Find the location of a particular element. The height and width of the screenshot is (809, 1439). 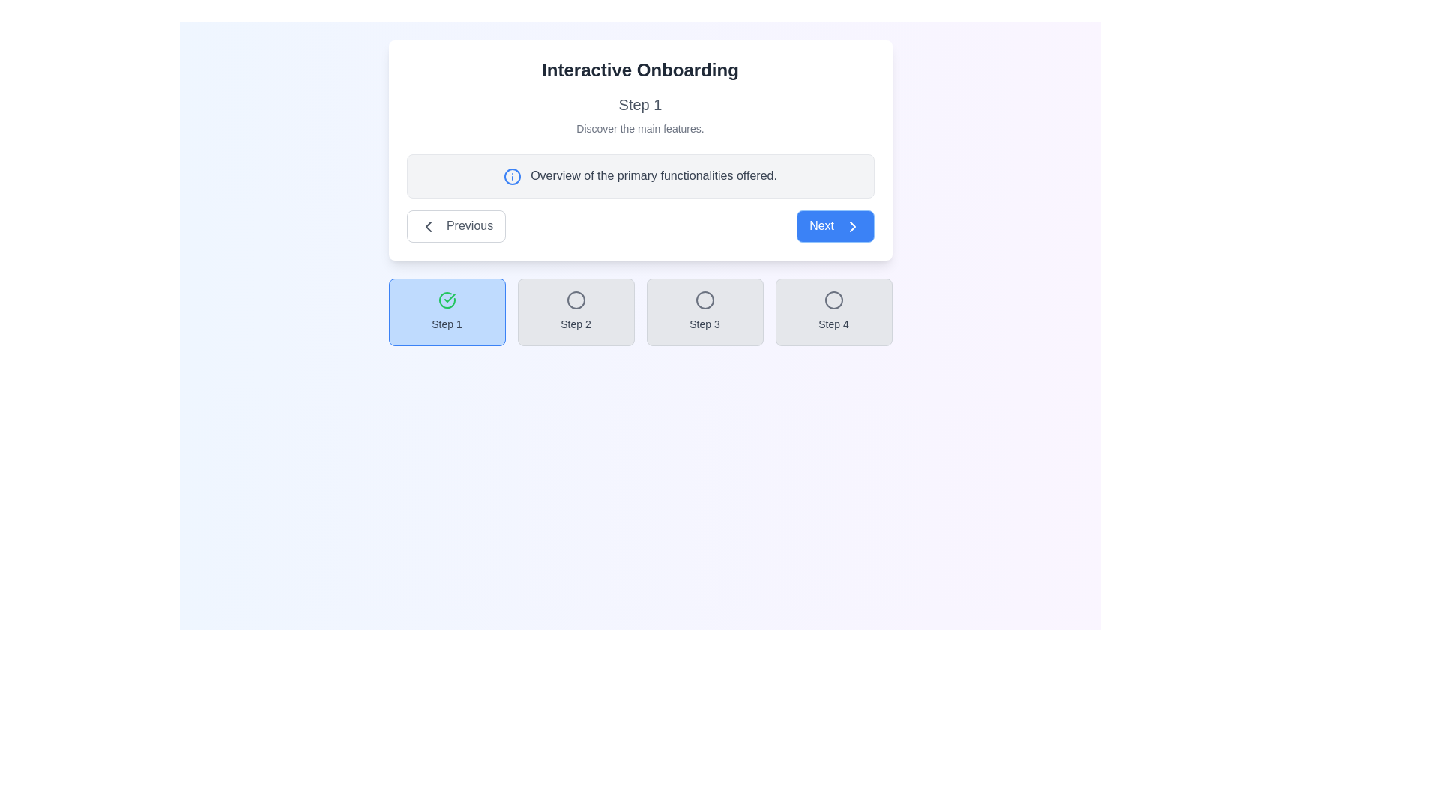

properties of the circular icon with a green outline and centered checkmark located within the 'Step 1' button at the bottom center of the interface is located at coordinates (446, 300).